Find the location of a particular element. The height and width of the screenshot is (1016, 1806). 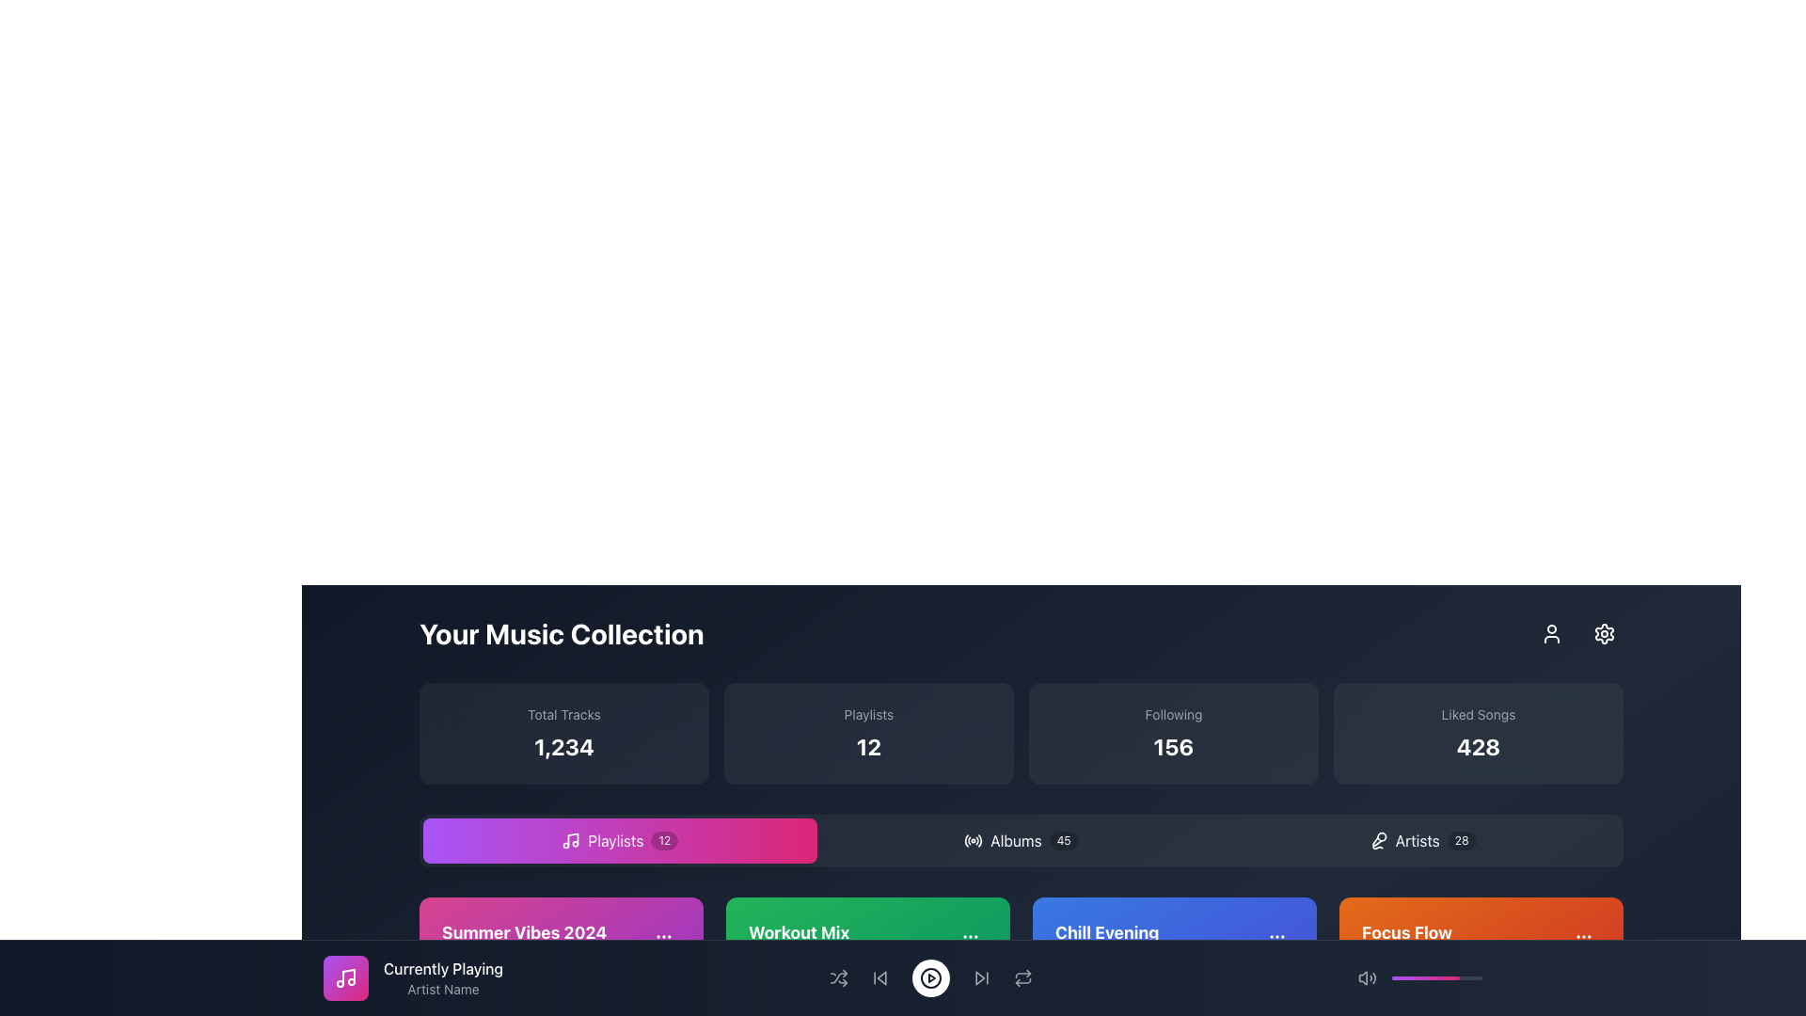

the oval button with three vertically arranged dots, located at the far right of the 'Focus Flow' section is located at coordinates (1583, 936).